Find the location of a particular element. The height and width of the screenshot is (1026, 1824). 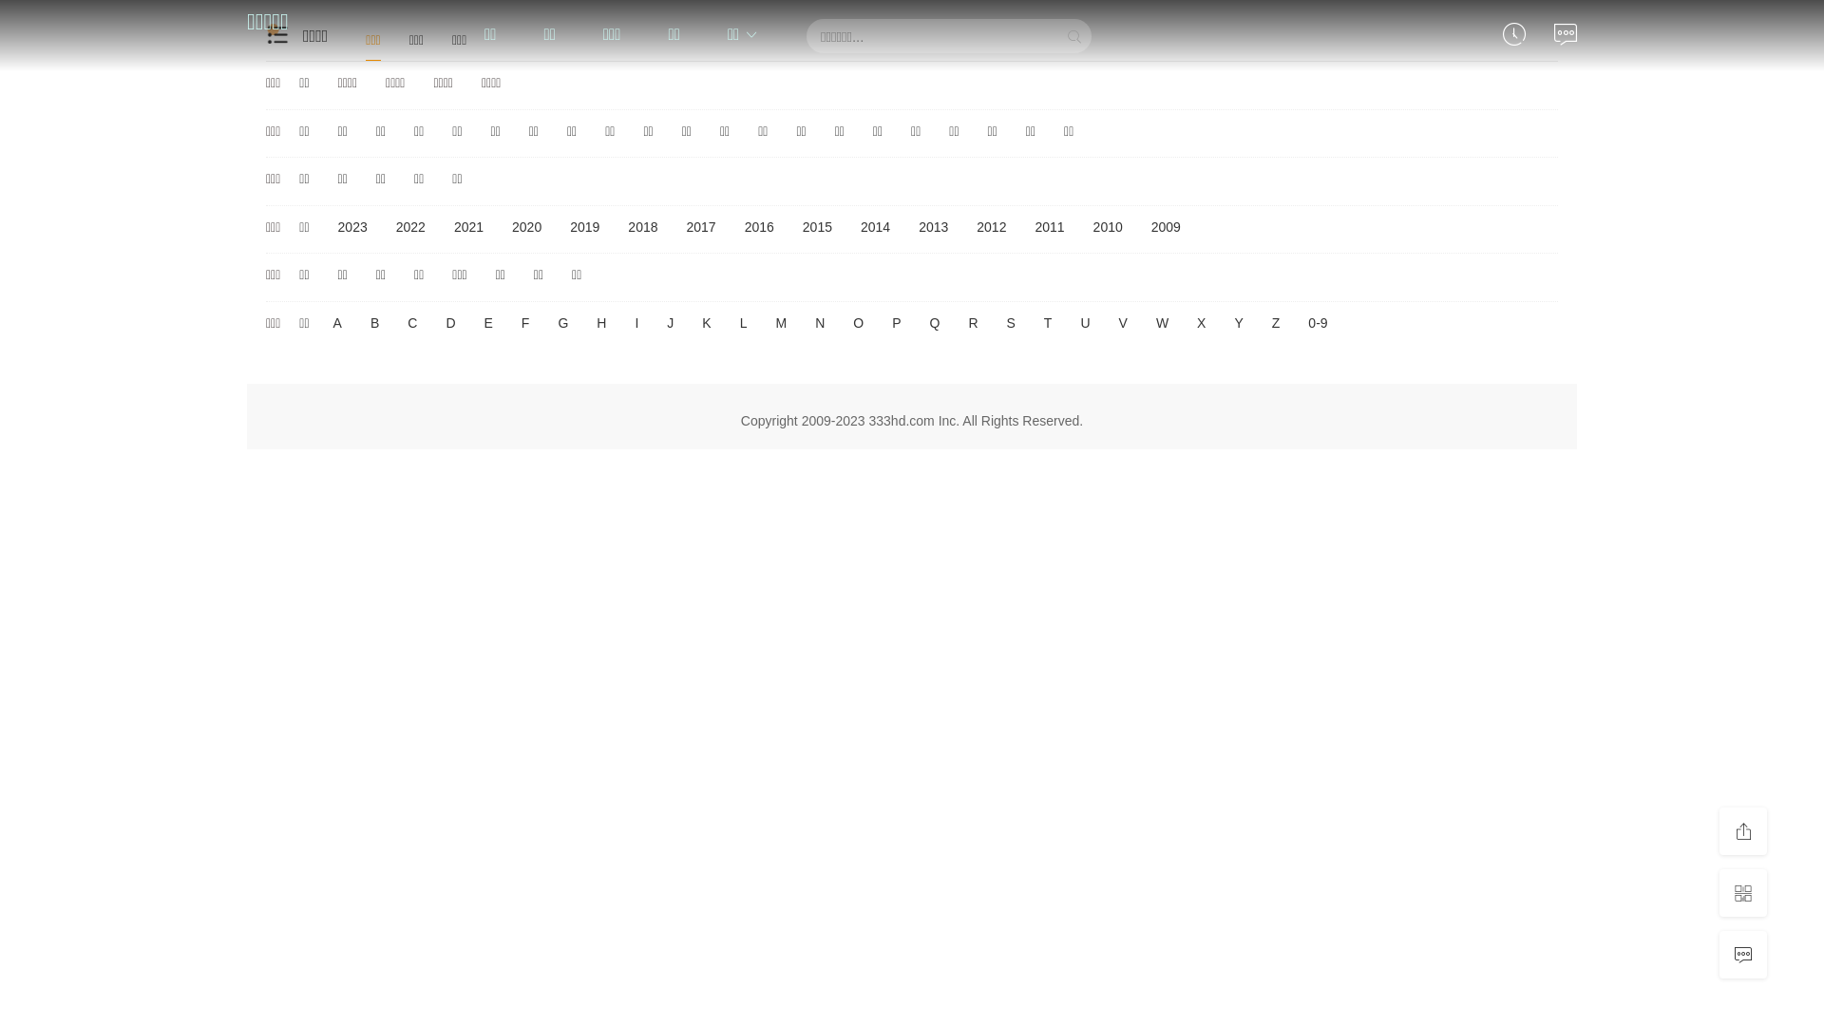

'J' is located at coordinates (670, 322).